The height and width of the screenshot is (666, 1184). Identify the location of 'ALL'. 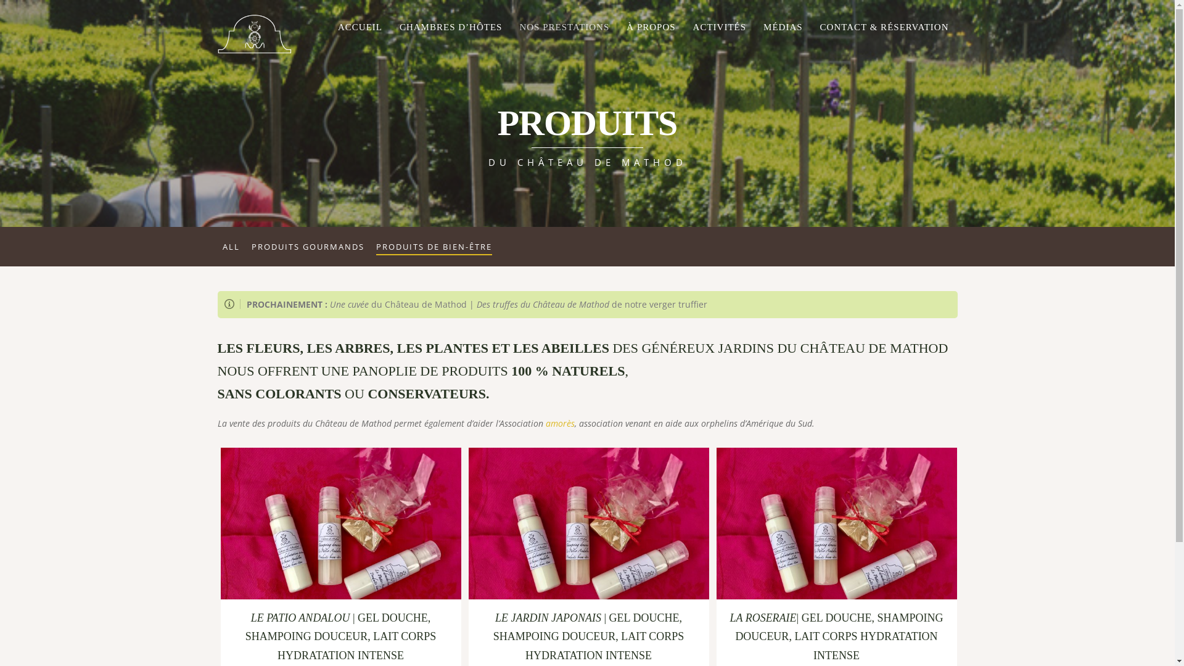
(231, 247).